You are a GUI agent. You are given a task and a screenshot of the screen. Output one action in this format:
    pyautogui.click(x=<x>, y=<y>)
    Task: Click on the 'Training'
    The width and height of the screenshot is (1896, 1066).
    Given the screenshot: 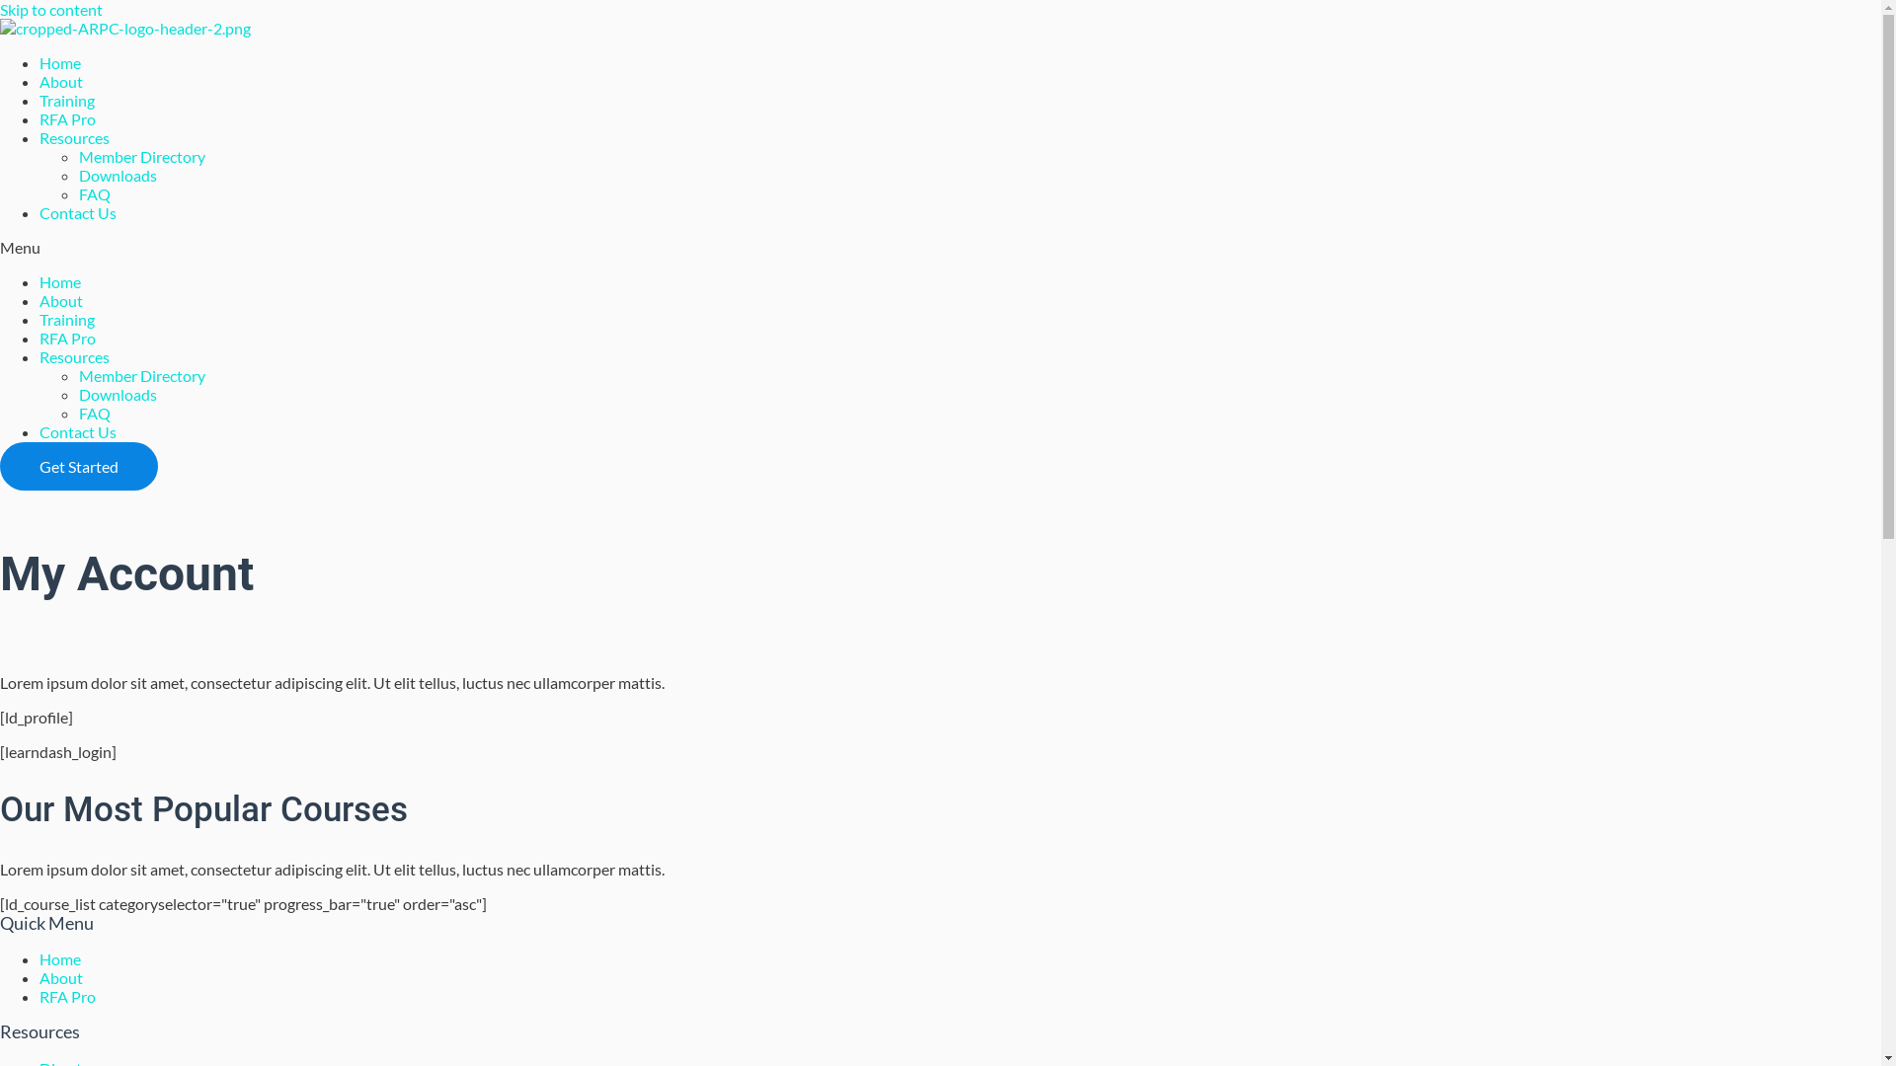 What is the action you would take?
    pyautogui.click(x=66, y=318)
    